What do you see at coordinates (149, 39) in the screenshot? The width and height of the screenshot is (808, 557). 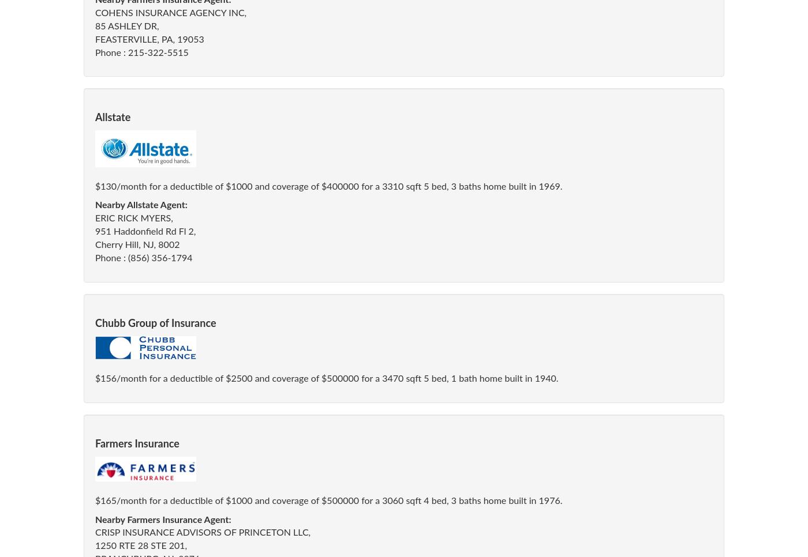 I see `'FEASTERVILLE, 
	 
	
	
		PA, 
	 
	
	
		19053'` at bounding box center [149, 39].